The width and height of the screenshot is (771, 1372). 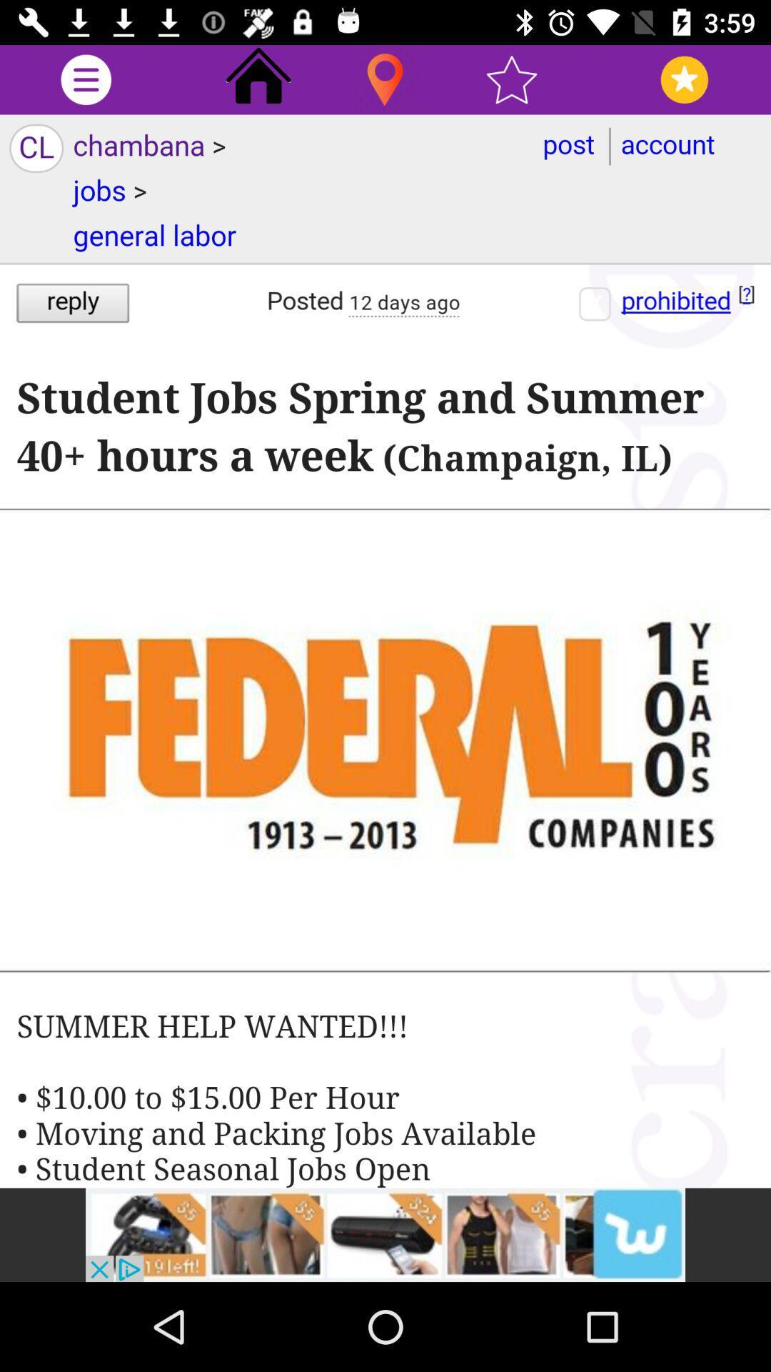 What do you see at coordinates (511, 79) in the screenshot?
I see `favorite` at bounding box center [511, 79].